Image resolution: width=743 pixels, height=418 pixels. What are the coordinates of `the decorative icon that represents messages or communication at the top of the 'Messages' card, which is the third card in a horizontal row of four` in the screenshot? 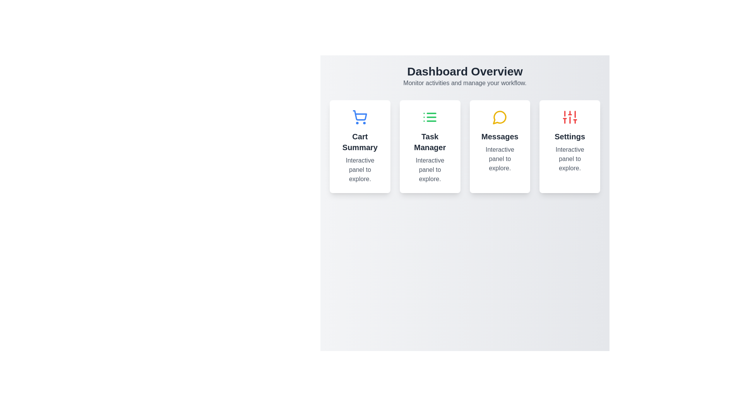 It's located at (500, 117).